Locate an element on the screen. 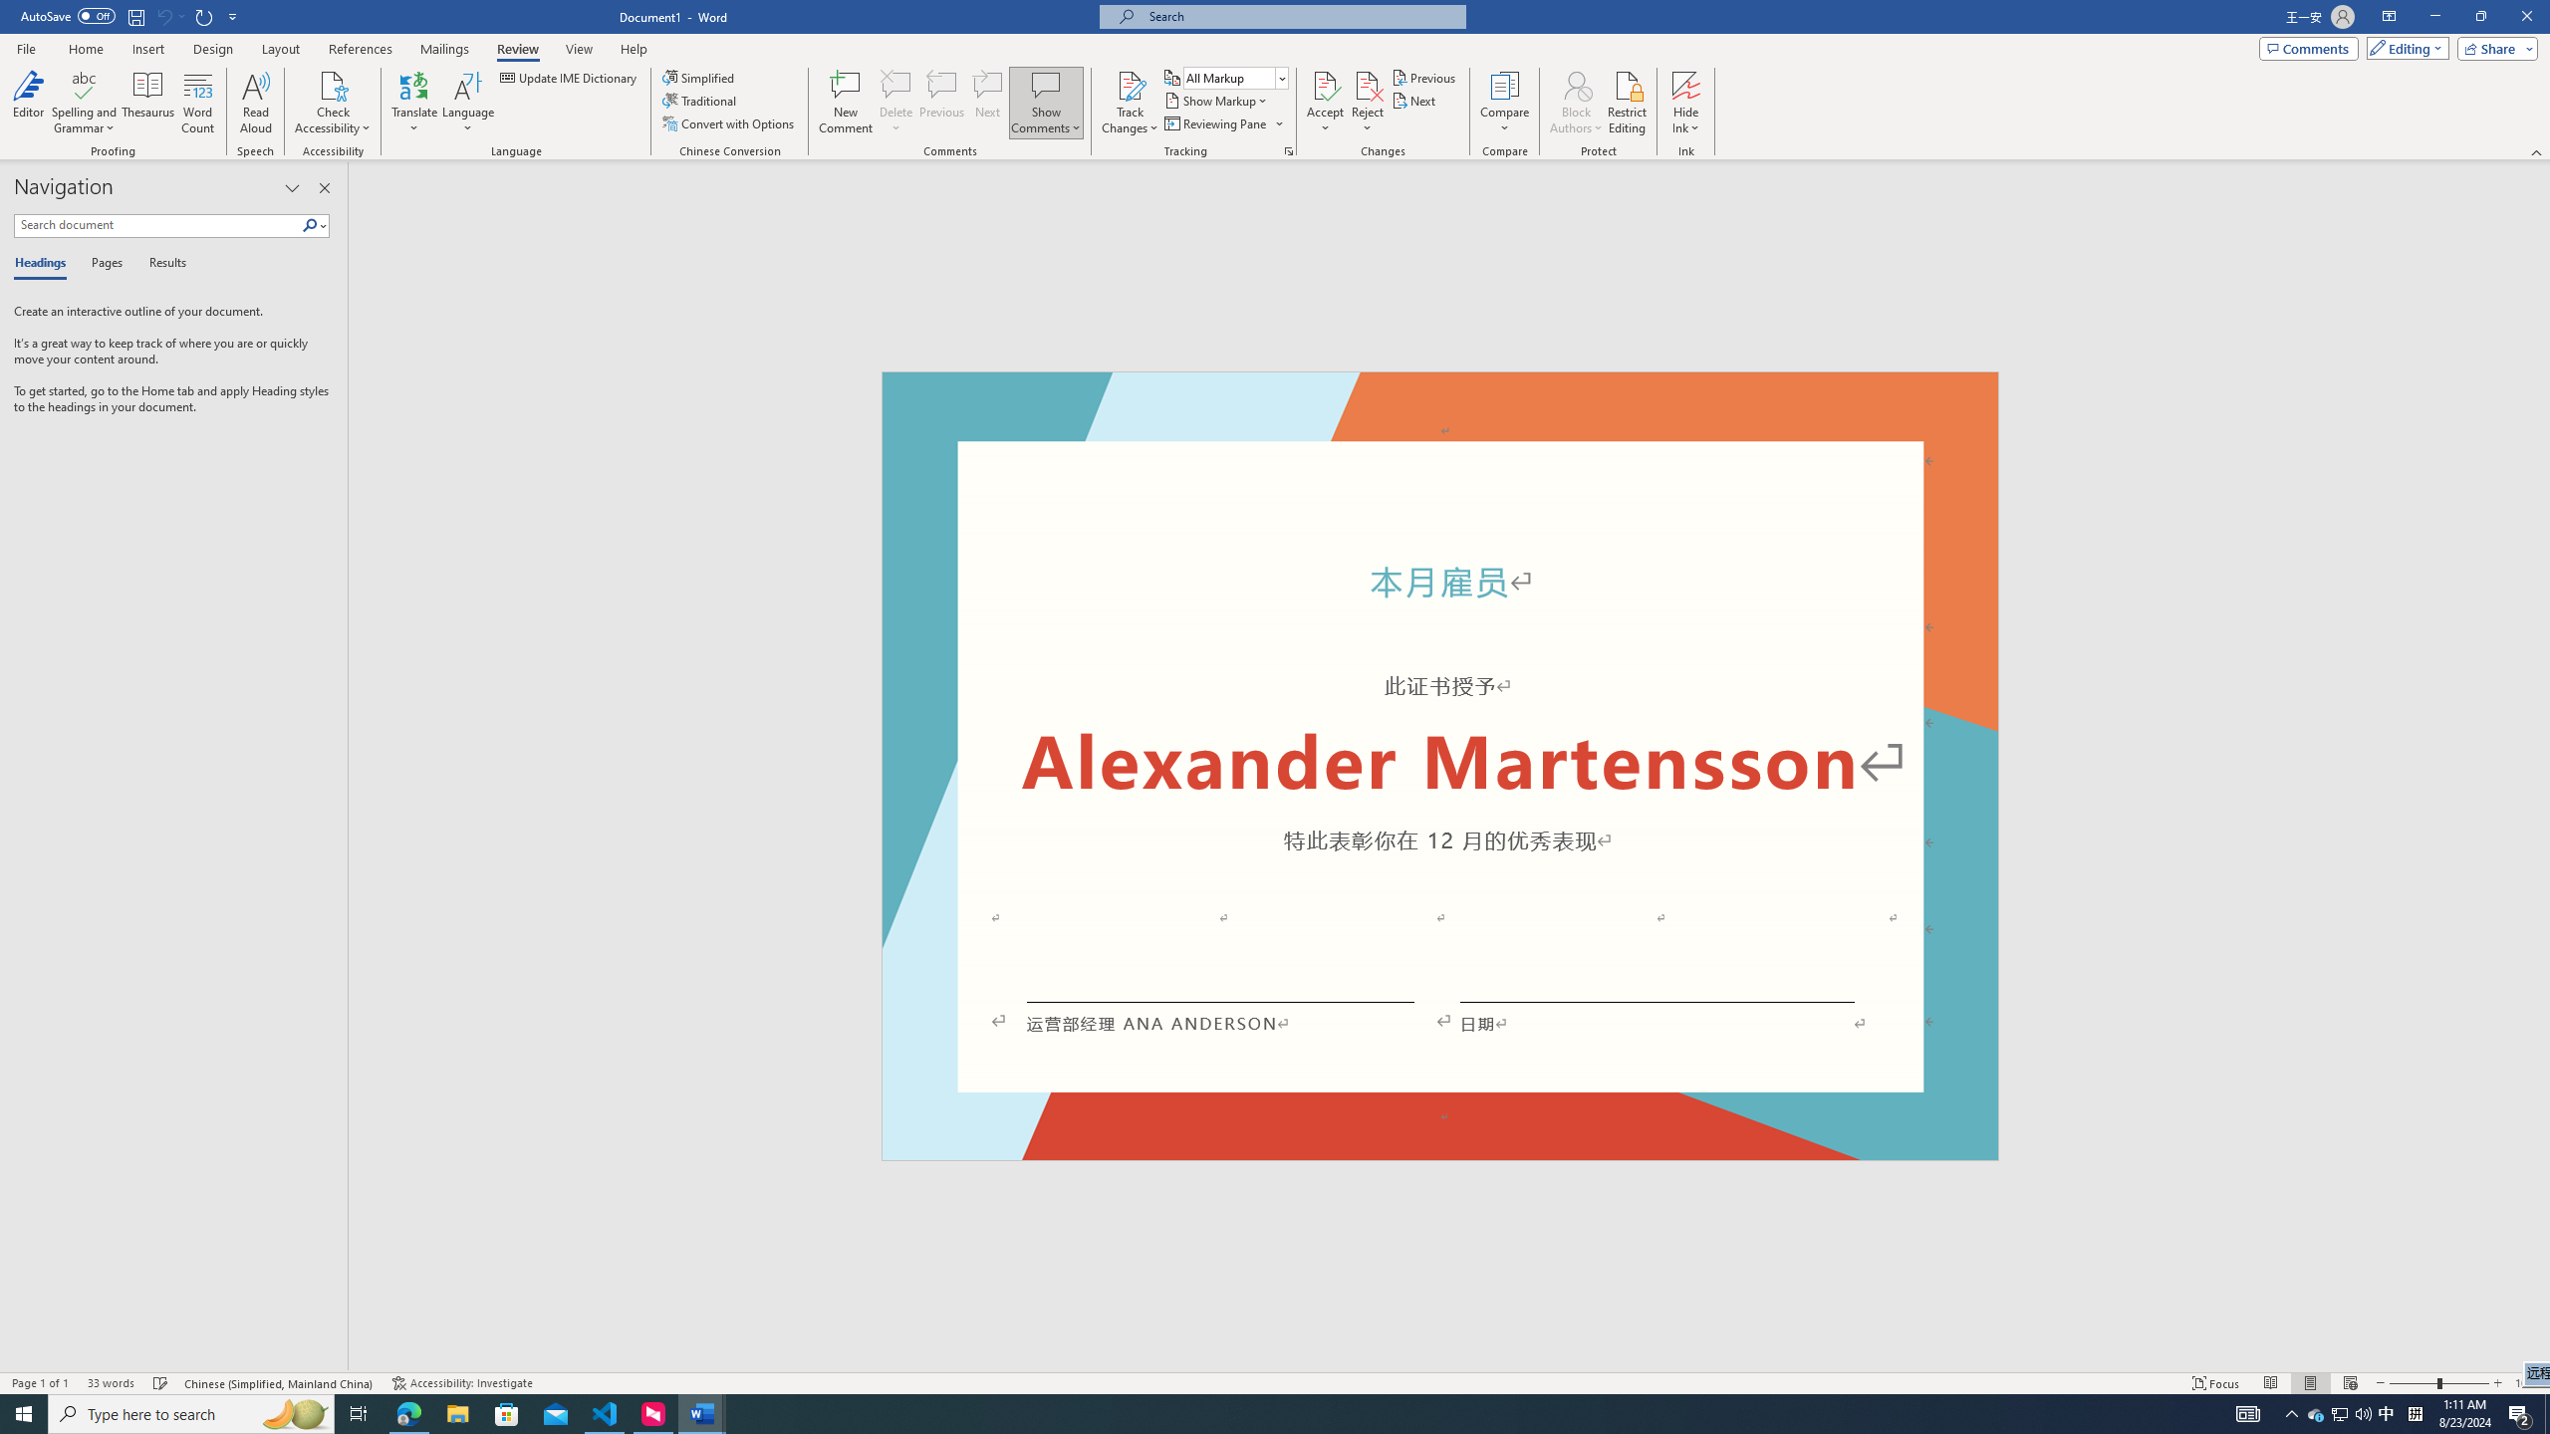 This screenshot has height=1434, width=2550. 'Previous' is located at coordinates (1424, 77).